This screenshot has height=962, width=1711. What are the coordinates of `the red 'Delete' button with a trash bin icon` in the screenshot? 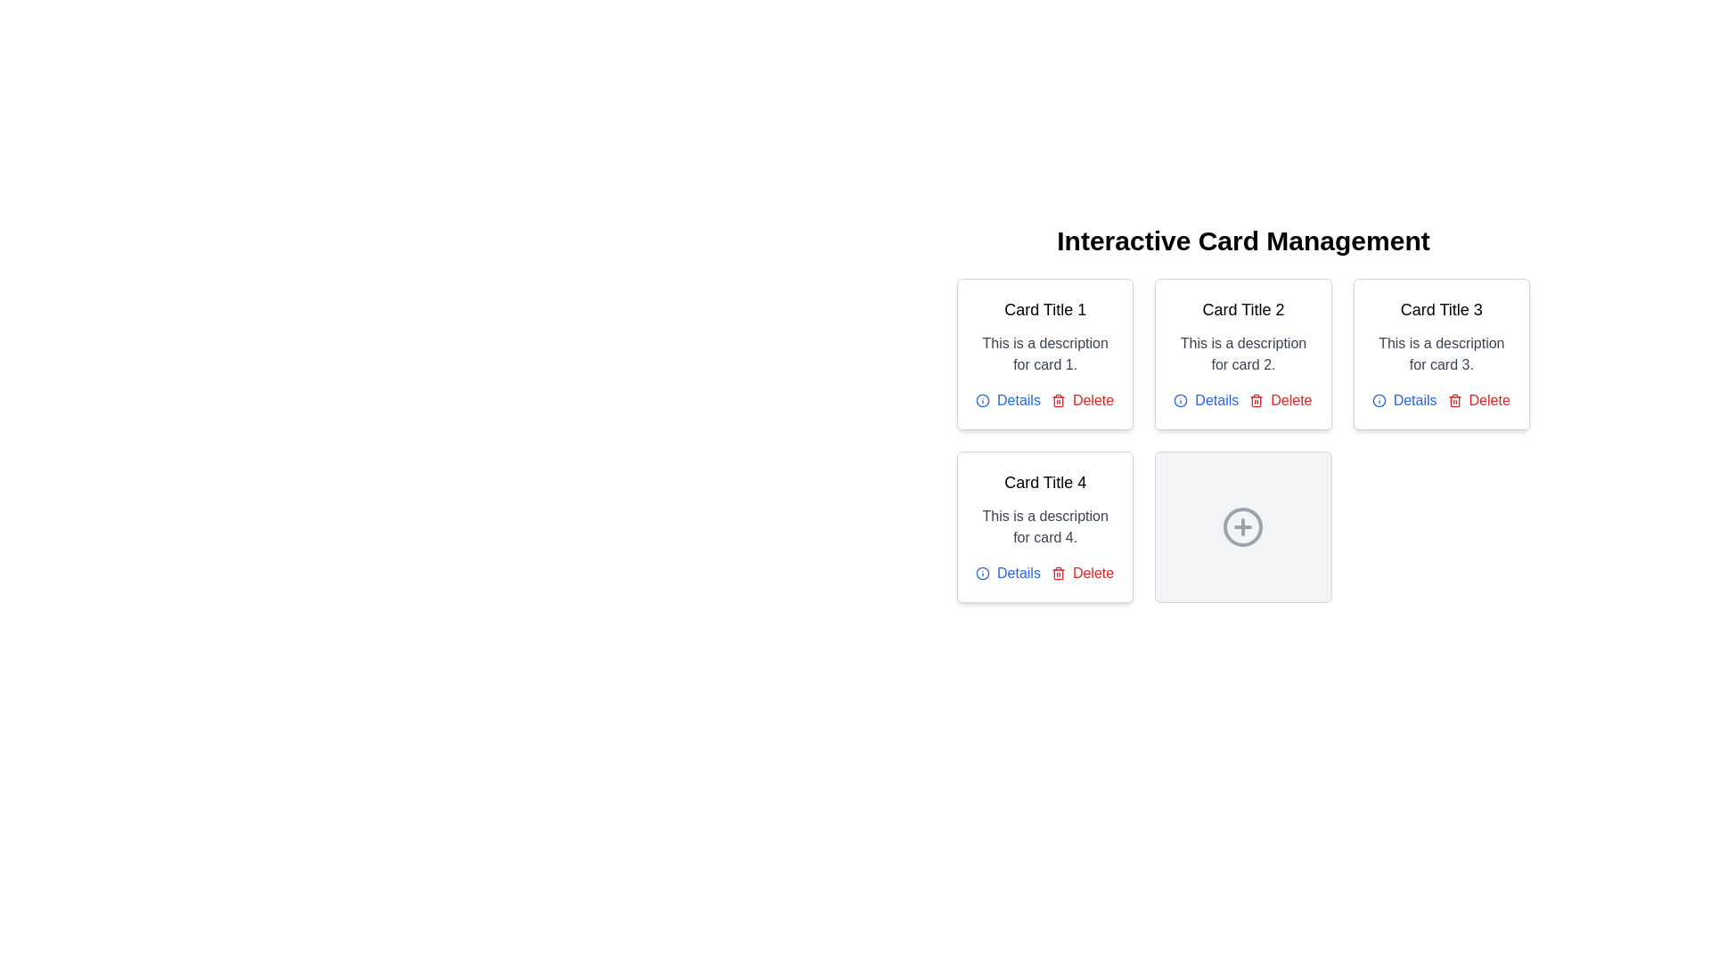 It's located at (1279, 401).